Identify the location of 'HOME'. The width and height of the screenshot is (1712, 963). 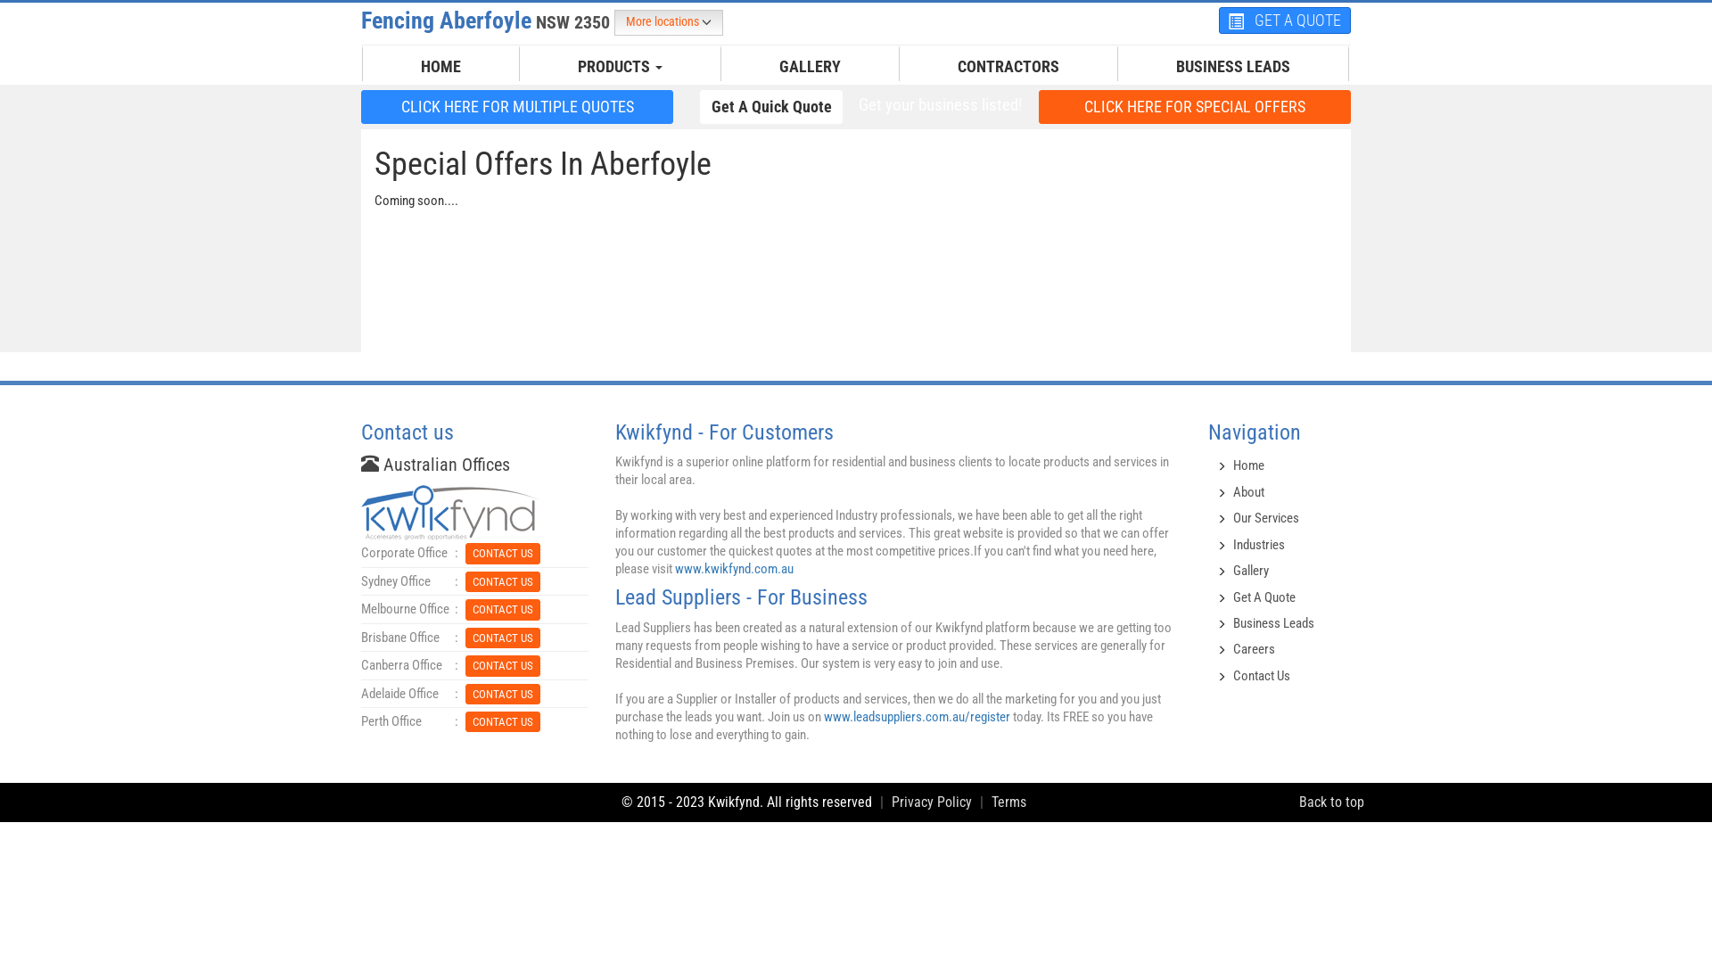
(440, 65).